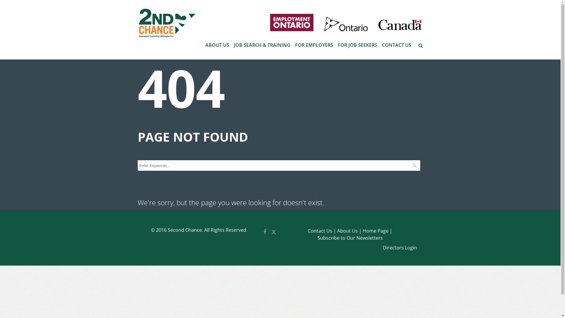 This screenshot has width=565, height=318. I want to click on 'FOR JOB SEEKERS', so click(357, 45).